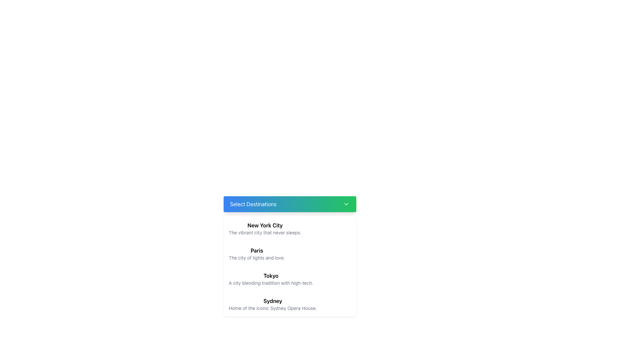  What do you see at coordinates (290, 304) in the screenshot?
I see `the selectable destination item representing Sydney, which is the last item in the vertical list of destination options under the 'Select Destinations' header` at bounding box center [290, 304].